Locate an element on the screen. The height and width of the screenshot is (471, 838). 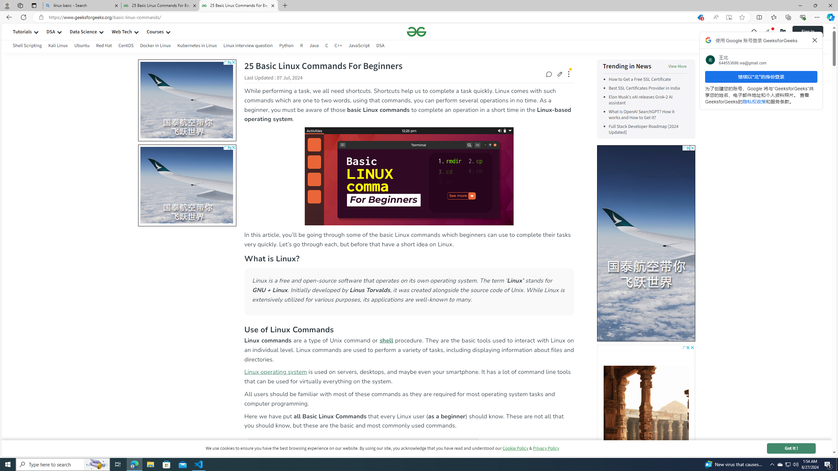
'Web Tech' is located at coordinates (121, 31).